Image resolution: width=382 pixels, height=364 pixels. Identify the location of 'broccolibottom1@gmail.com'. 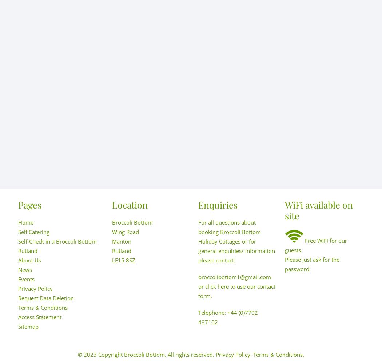
(234, 277).